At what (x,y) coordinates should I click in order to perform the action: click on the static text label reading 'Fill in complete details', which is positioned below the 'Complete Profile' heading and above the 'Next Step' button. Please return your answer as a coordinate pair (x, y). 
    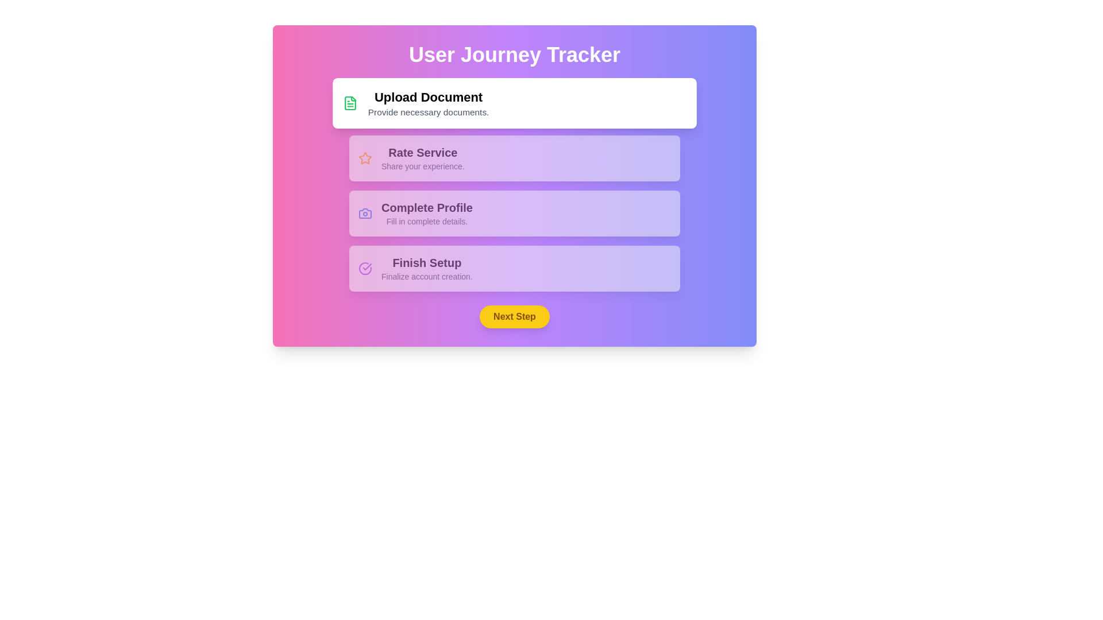
    Looking at the image, I should click on (426, 221).